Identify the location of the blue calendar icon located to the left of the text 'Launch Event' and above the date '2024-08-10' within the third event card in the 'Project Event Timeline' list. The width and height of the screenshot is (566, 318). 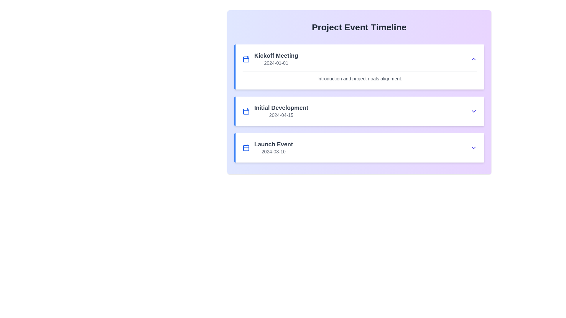
(246, 147).